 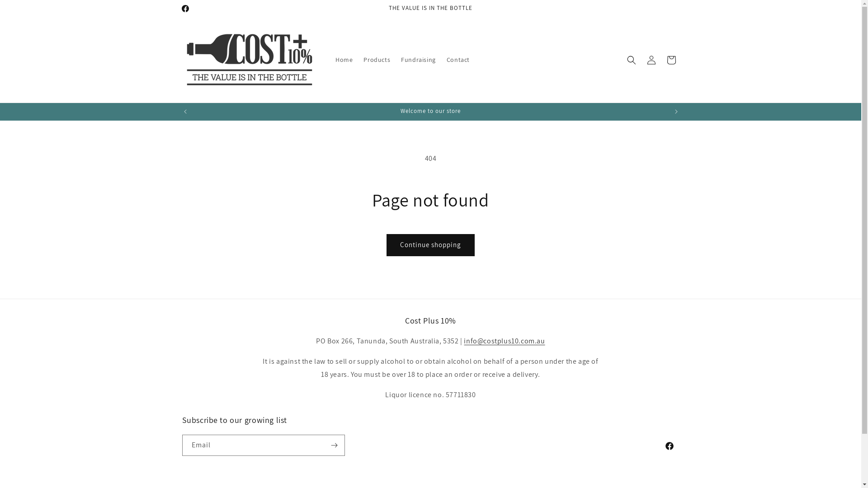 I want to click on 'Products', so click(x=377, y=59).